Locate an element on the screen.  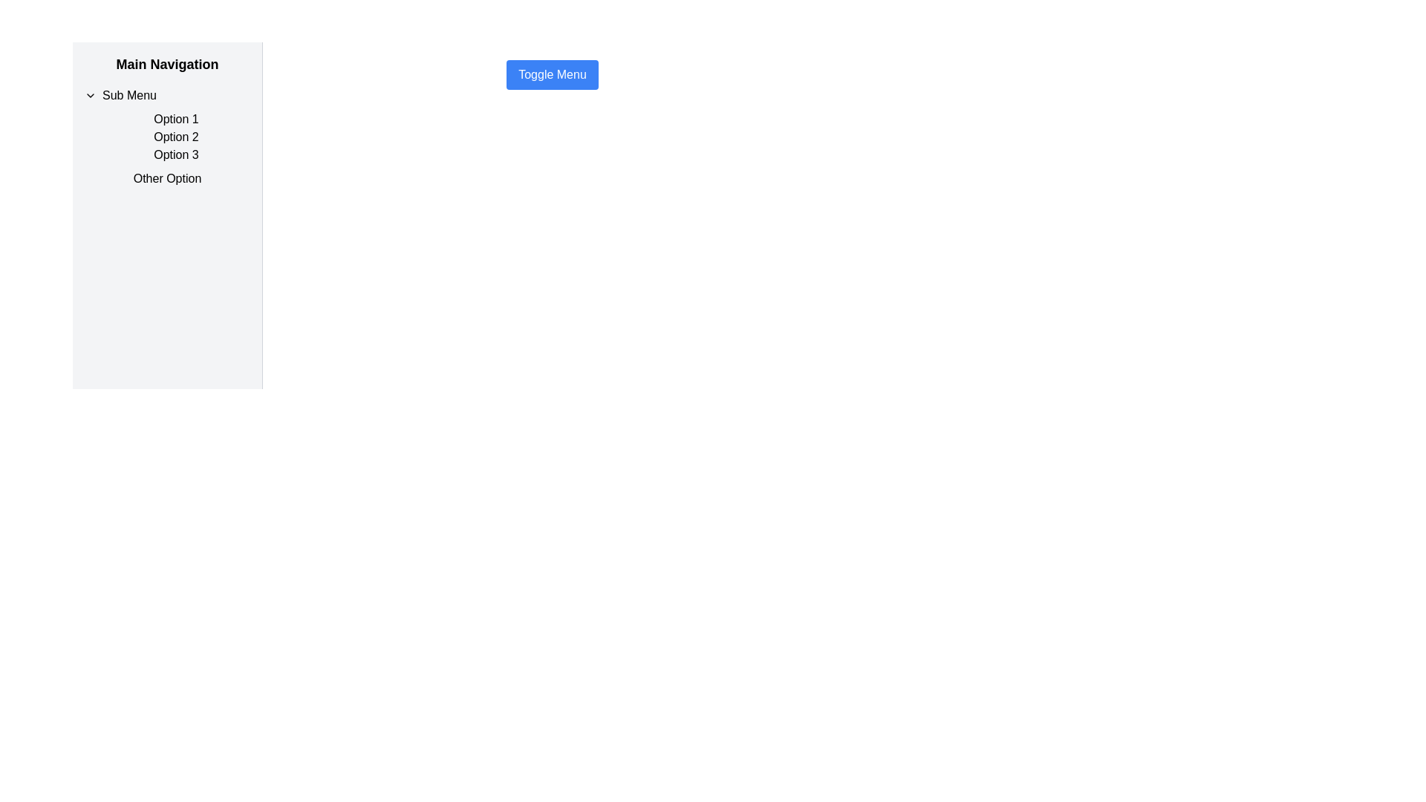
the 'Sub Menu' button is located at coordinates (167, 95).